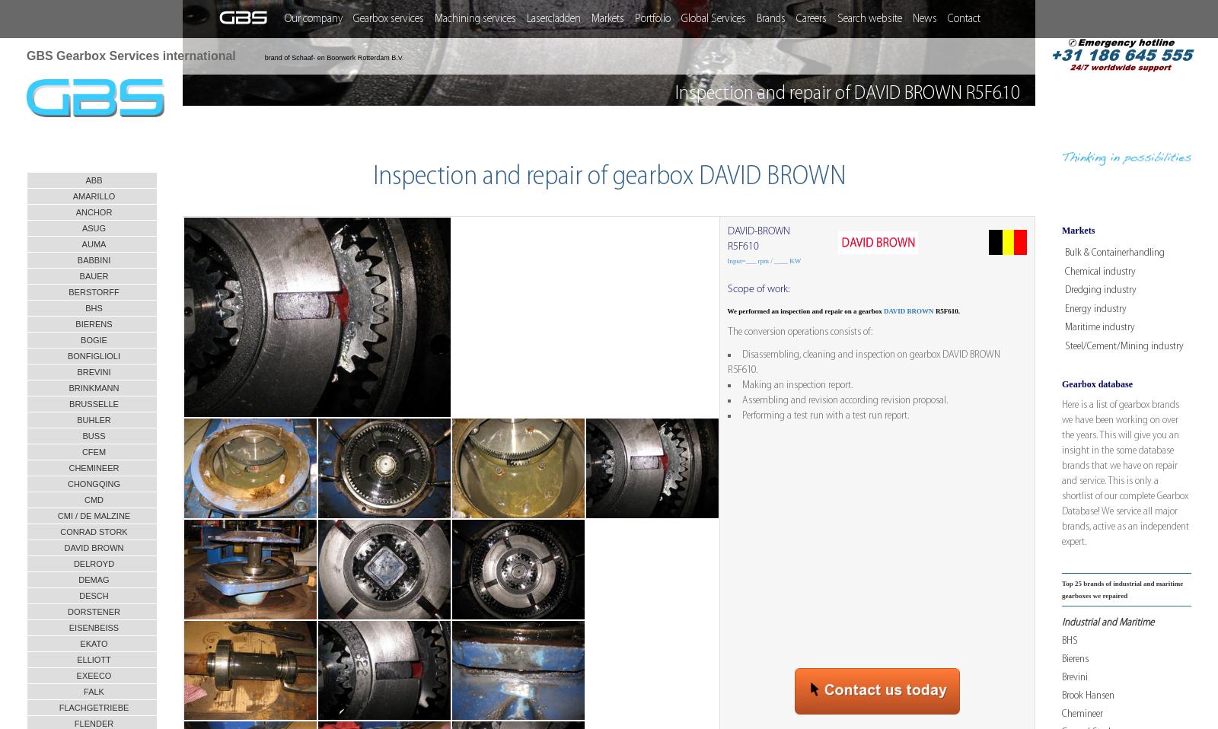 The image size is (1218, 729). What do you see at coordinates (93, 228) in the screenshot?
I see `'ASUG'` at bounding box center [93, 228].